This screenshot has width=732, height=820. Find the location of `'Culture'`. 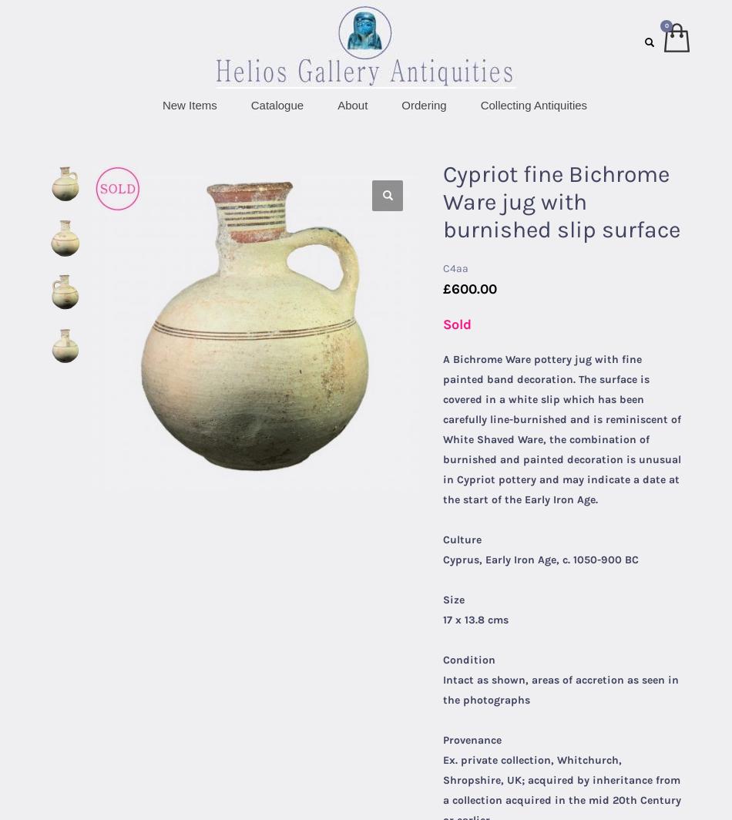

'Culture' is located at coordinates (462, 539).